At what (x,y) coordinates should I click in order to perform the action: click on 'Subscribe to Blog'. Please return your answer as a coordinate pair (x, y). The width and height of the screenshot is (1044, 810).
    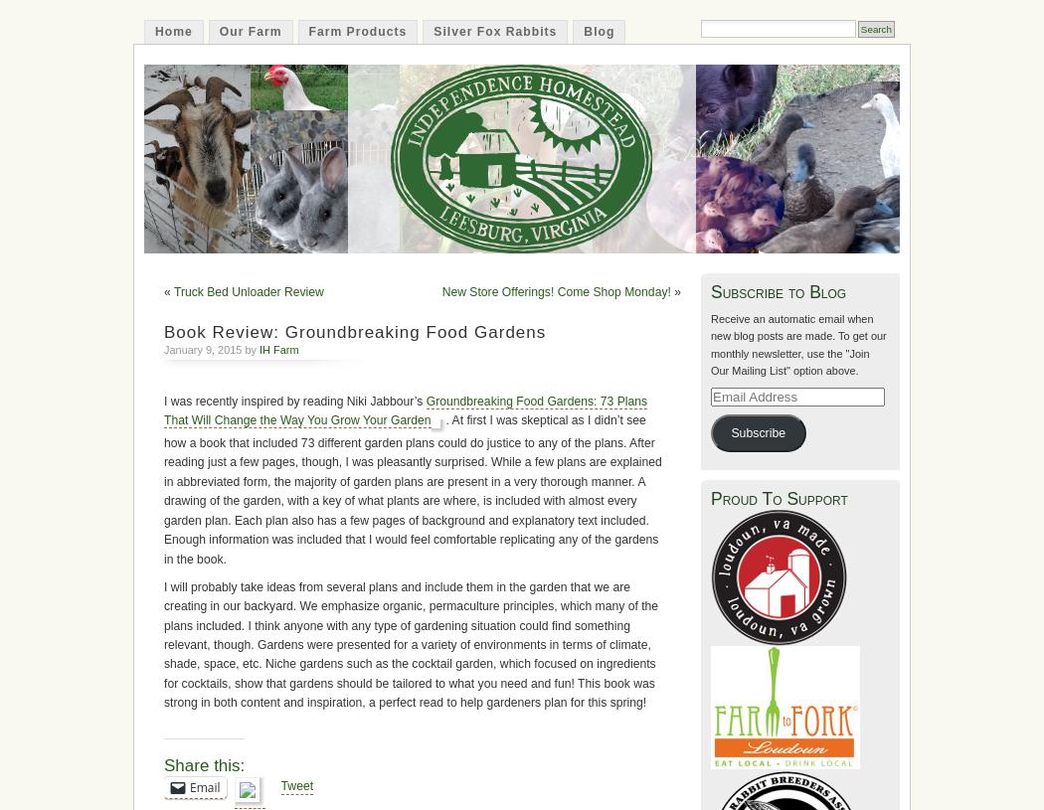
    Looking at the image, I should click on (778, 290).